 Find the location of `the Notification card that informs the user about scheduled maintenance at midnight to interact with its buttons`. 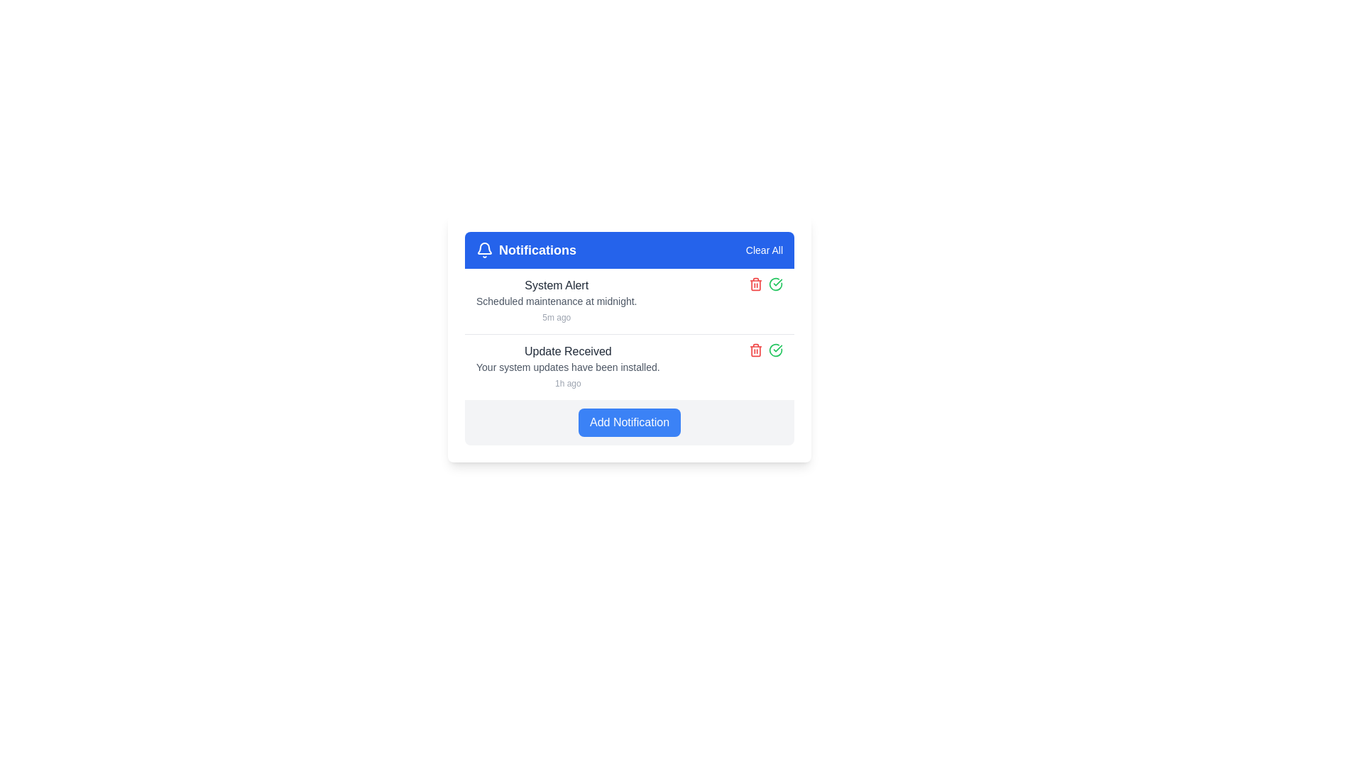

the Notification card that informs the user about scheduled maintenance at midnight to interact with its buttons is located at coordinates (629, 300).